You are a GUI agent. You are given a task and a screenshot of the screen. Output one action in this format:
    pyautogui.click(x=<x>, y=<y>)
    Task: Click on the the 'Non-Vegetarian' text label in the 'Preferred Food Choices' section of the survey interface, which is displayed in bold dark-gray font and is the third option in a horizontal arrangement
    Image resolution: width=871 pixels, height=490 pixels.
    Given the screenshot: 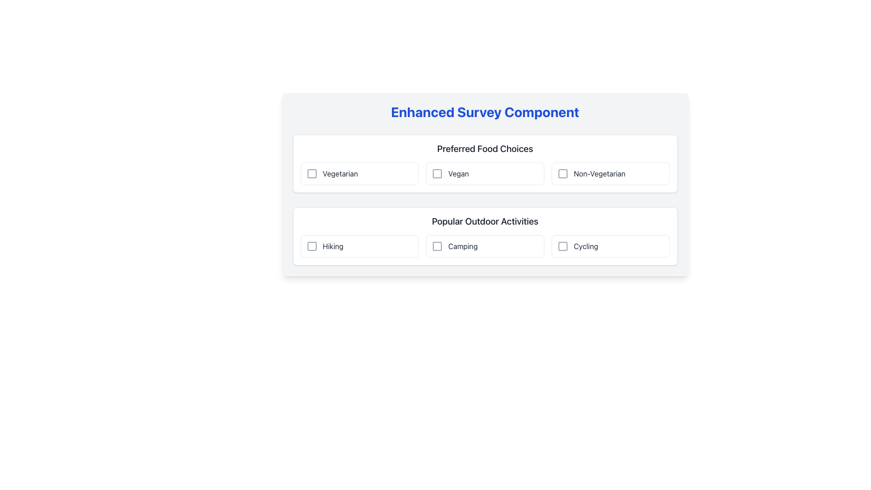 What is the action you would take?
    pyautogui.click(x=599, y=173)
    